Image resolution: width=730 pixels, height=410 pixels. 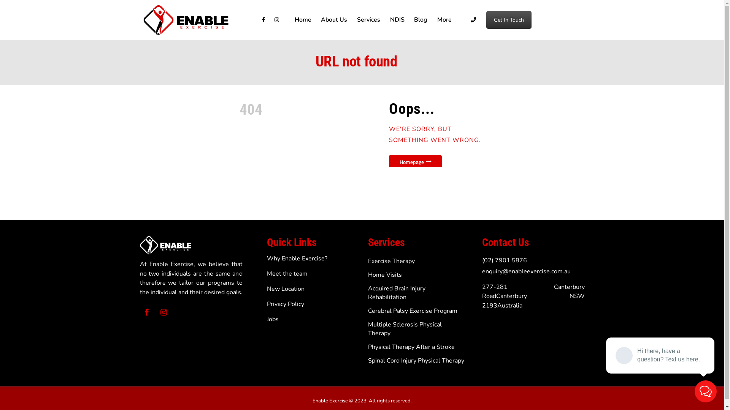 What do you see at coordinates (444, 19) in the screenshot?
I see `'More'` at bounding box center [444, 19].